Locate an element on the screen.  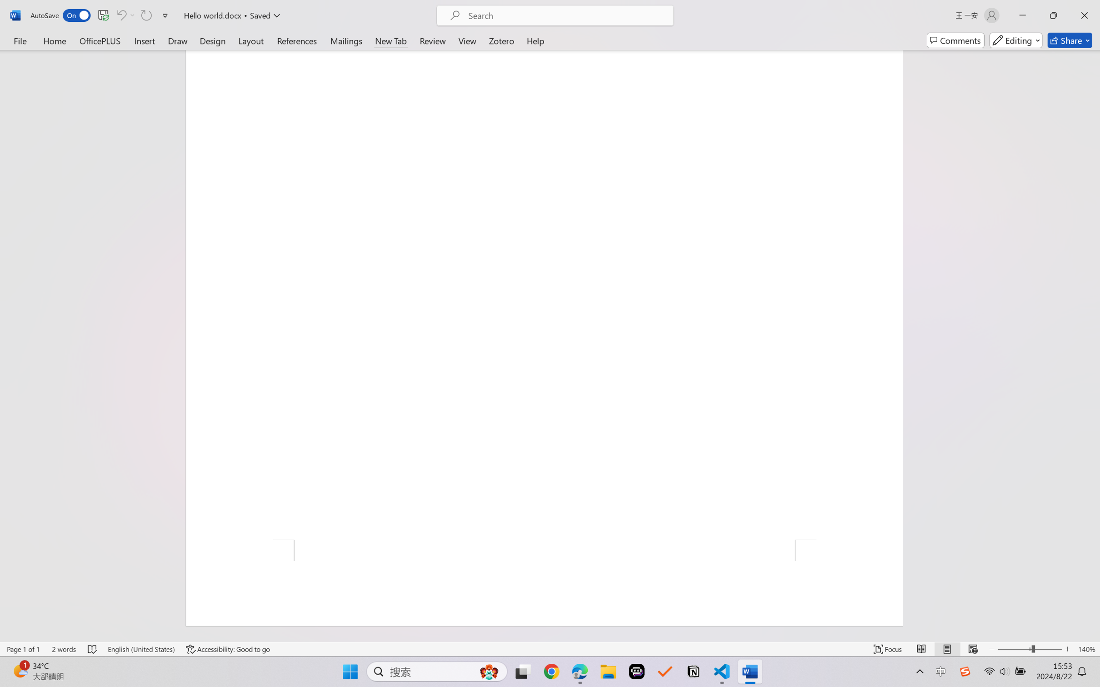
'Print Layout' is located at coordinates (947, 649).